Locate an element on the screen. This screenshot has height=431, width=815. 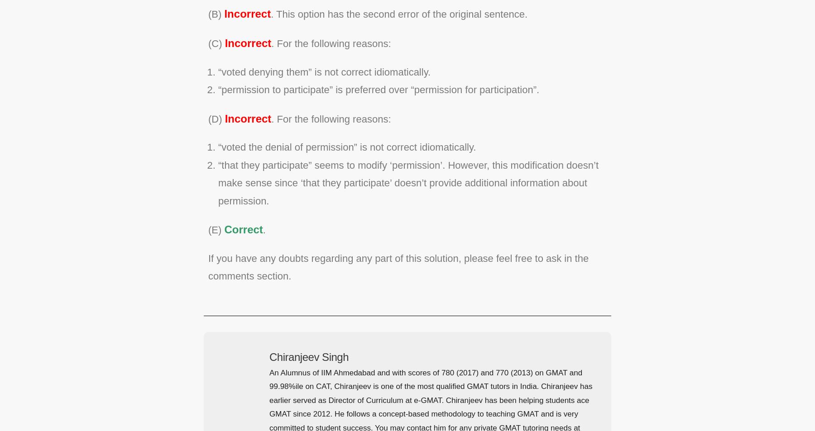
'(B)' is located at coordinates (216, 13).